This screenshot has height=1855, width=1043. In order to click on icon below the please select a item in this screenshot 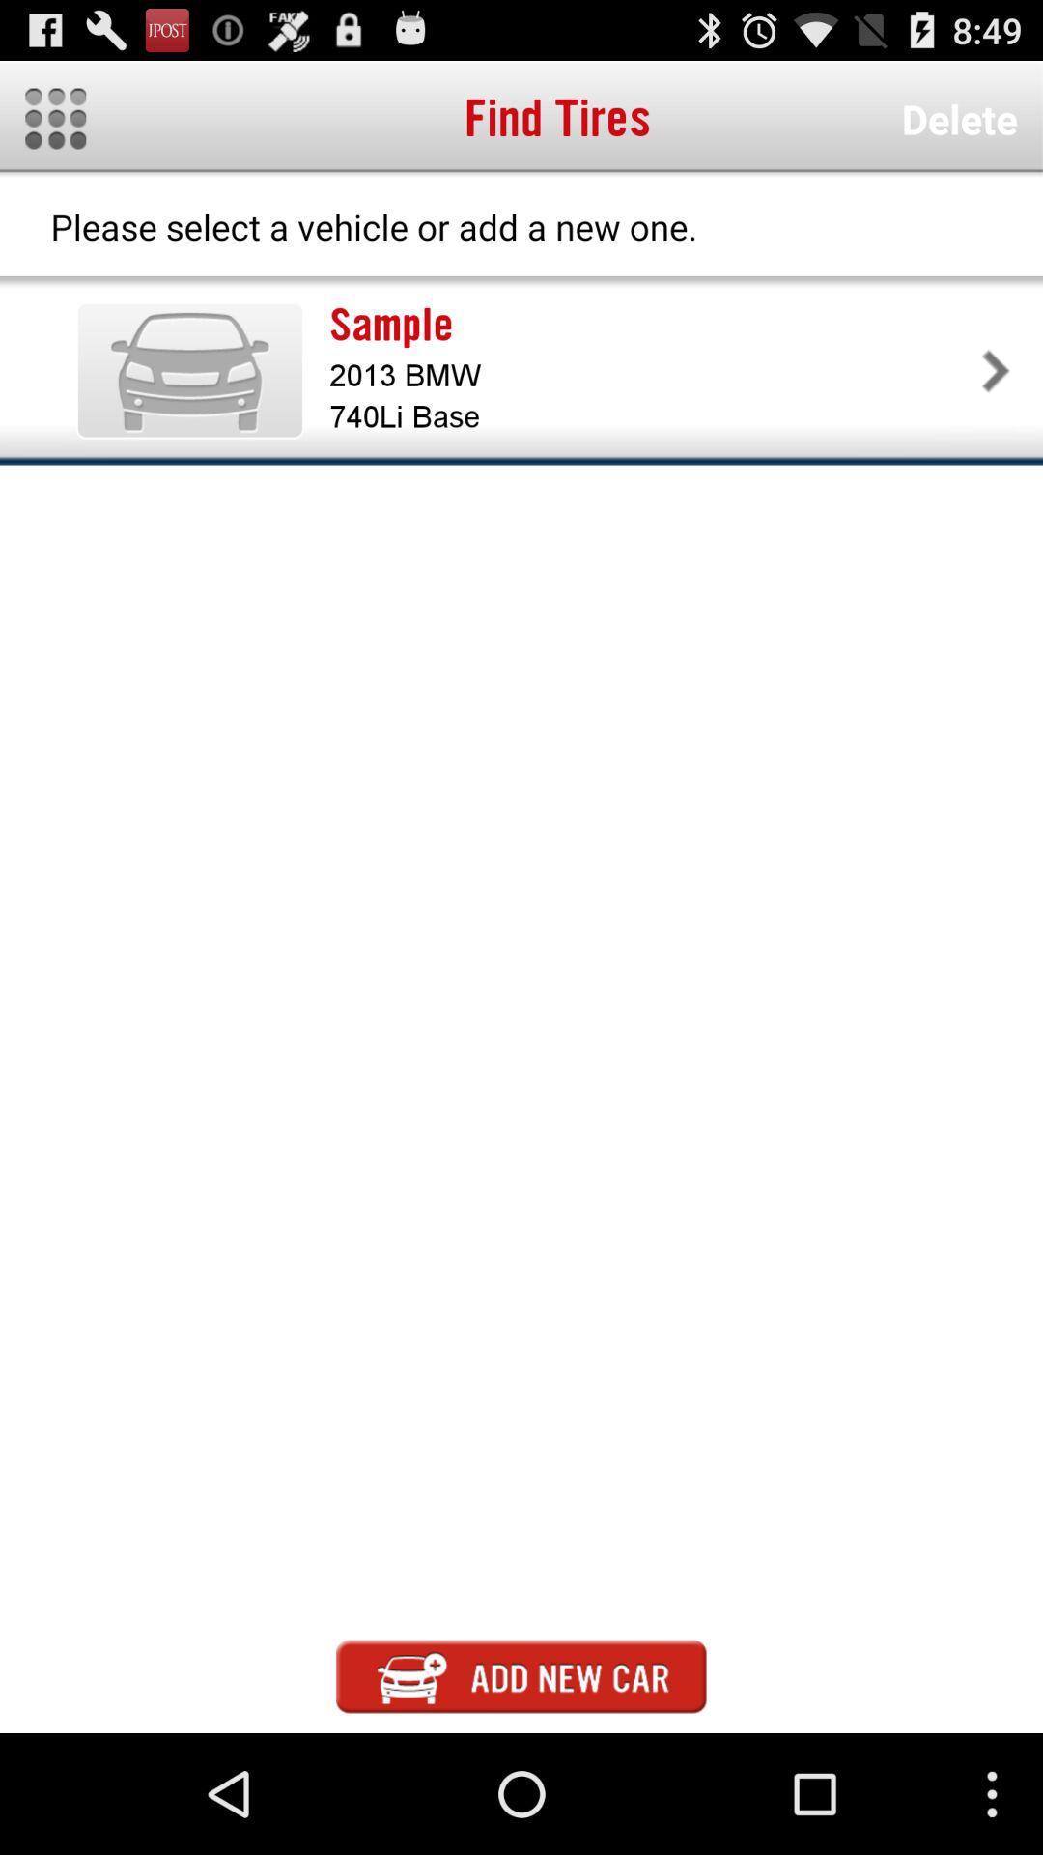, I will do `click(189, 370)`.